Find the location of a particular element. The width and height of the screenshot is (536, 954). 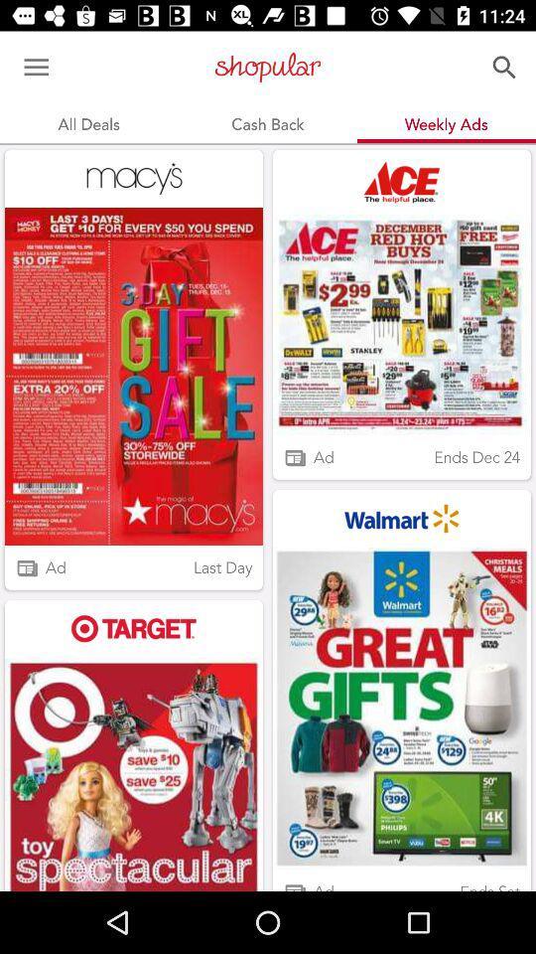

the item above weekly ads is located at coordinates (504, 68).